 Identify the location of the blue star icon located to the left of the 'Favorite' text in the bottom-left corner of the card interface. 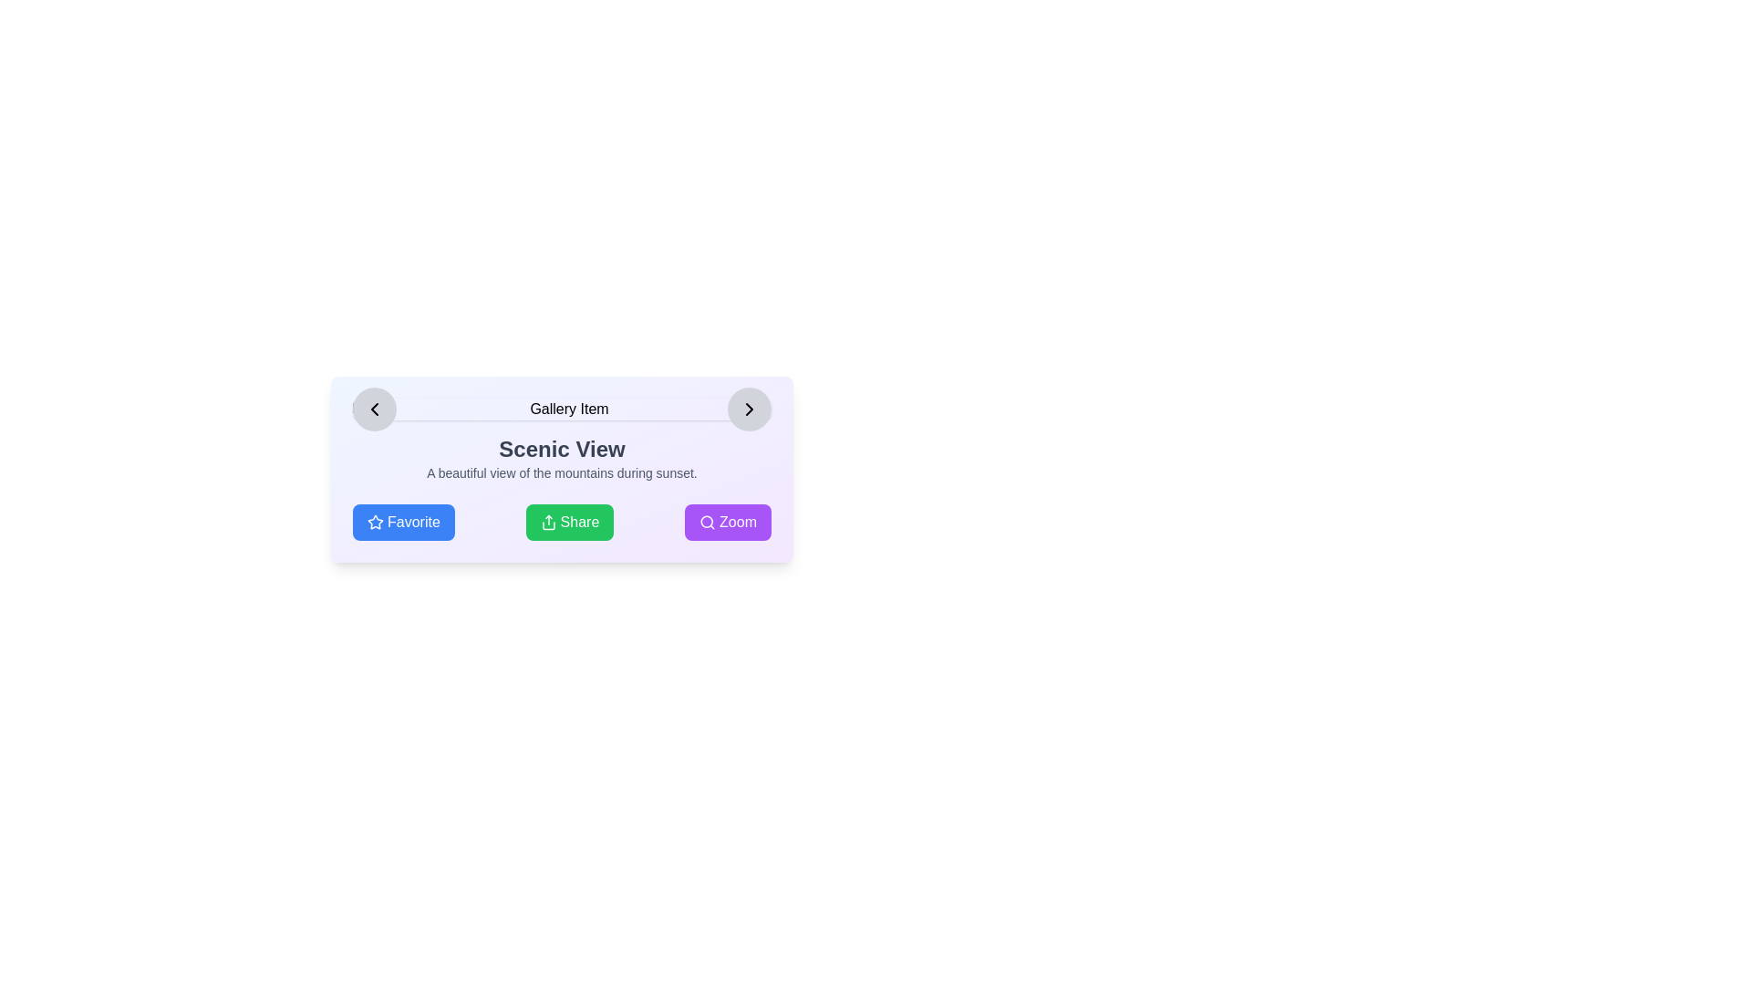
(375, 522).